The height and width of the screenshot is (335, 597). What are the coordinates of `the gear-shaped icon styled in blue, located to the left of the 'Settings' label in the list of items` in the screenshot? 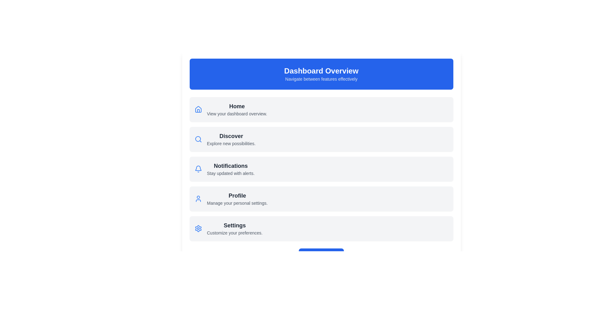 It's located at (198, 228).